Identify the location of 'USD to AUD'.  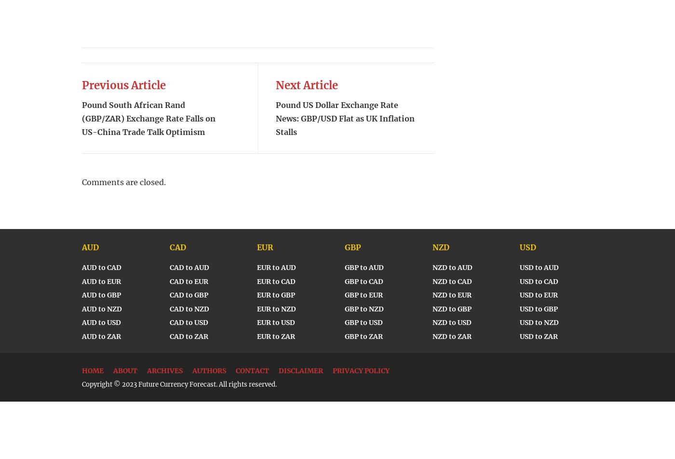
(539, 268).